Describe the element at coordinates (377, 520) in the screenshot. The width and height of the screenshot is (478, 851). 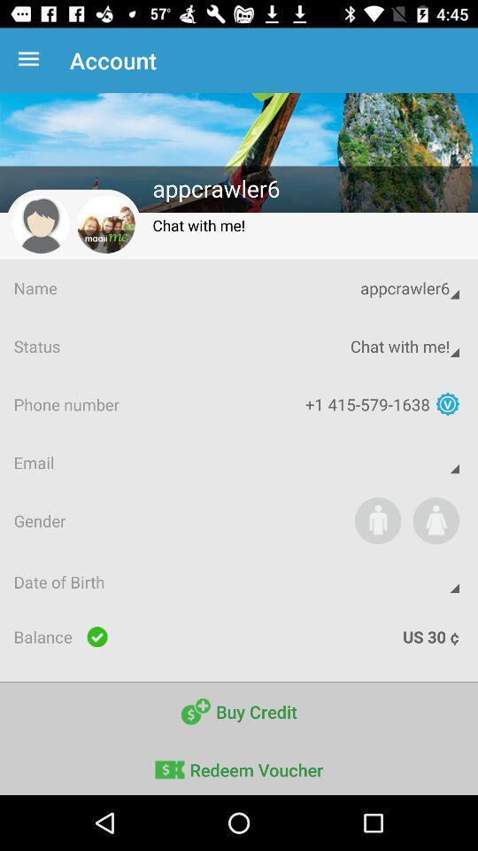
I see `the app next to the gender app` at that location.